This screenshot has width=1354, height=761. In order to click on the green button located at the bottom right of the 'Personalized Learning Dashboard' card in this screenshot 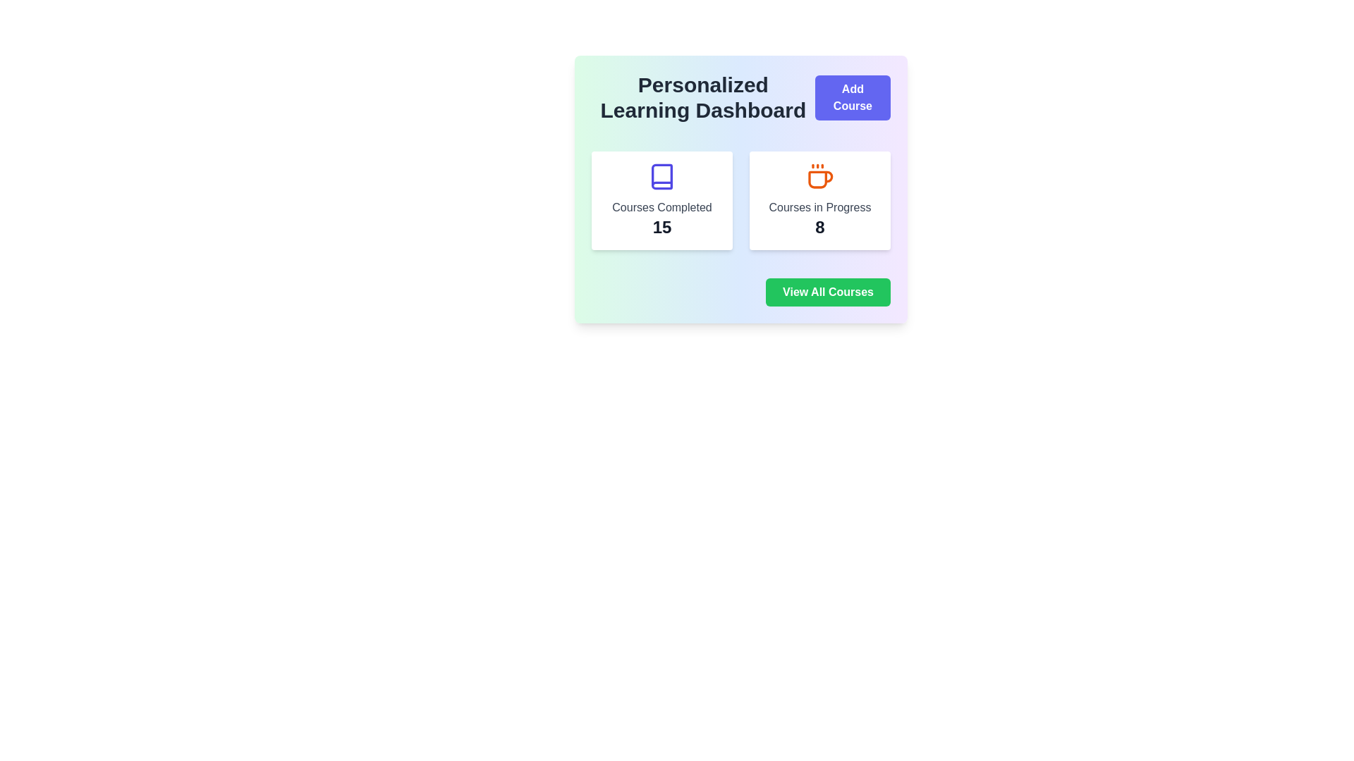, I will do `click(828, 292)`.